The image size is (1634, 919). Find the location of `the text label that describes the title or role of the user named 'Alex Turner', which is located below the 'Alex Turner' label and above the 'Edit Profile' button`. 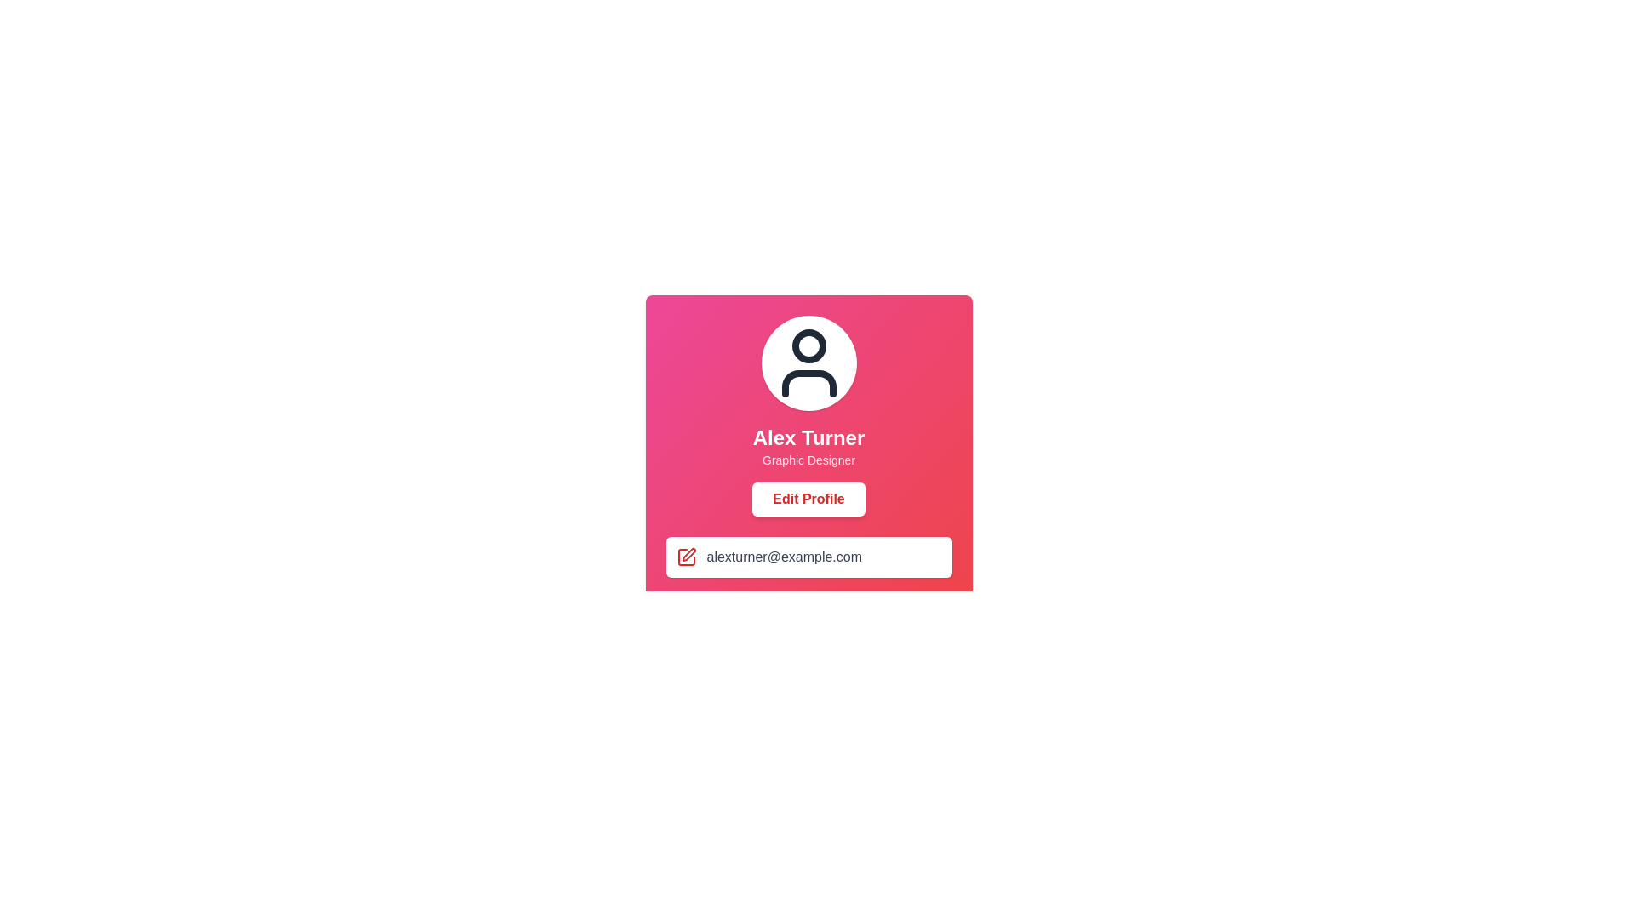

the text label that describes the title or role of the user named 'Alex Turner', which is located below the 'Alex Turner' label and above the 'Edit Profile' button is located at coordinates (808, 459).